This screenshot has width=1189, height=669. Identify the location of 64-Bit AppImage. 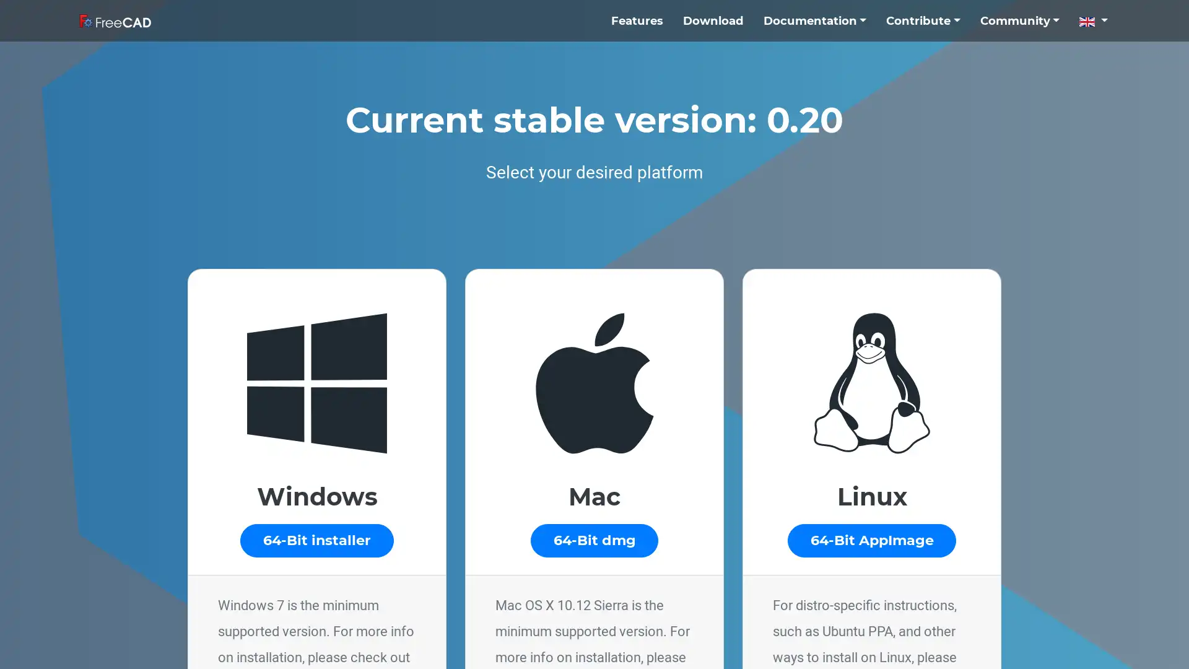
(871, 540).